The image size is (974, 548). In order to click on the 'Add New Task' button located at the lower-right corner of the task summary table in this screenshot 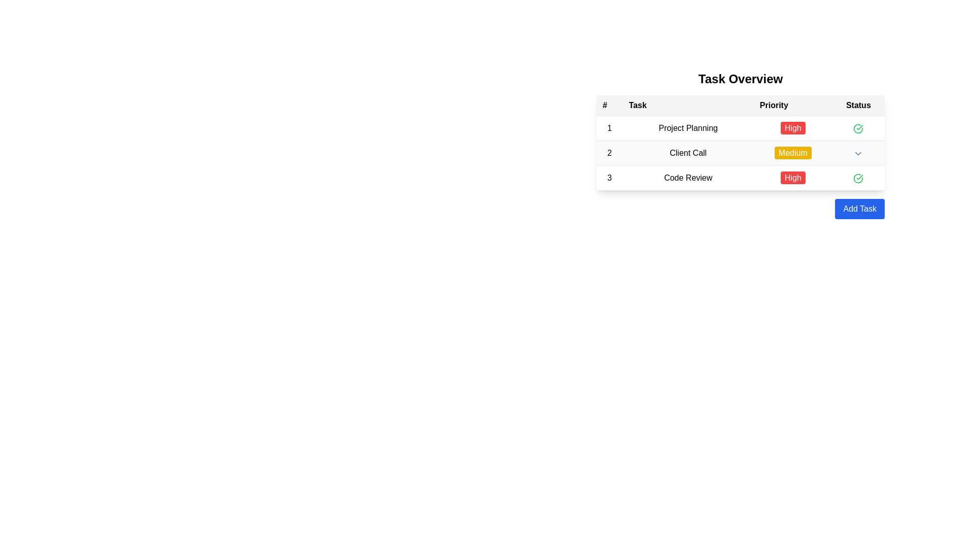, I will do `click(859, 209)`.